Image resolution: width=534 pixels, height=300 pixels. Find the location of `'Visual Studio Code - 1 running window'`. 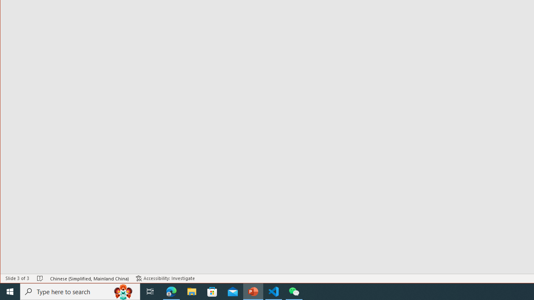

'Visual Studio Code - 1 running window' is located at coordinates (274, 291).